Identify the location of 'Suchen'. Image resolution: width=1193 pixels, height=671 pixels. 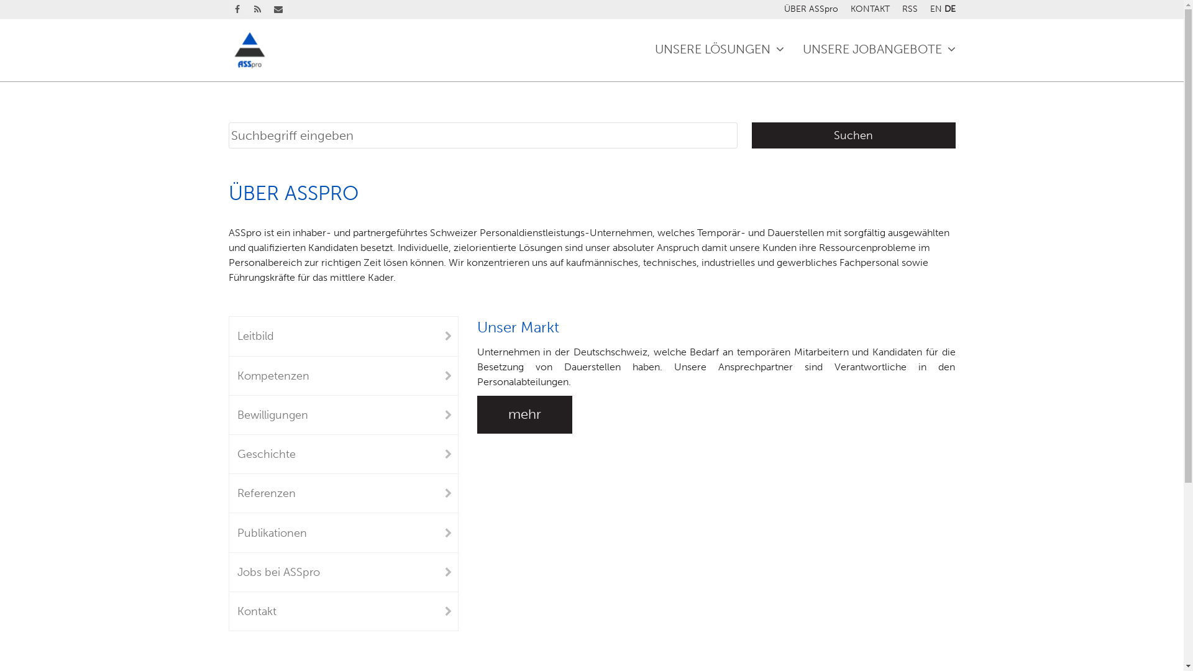
(751, 135).